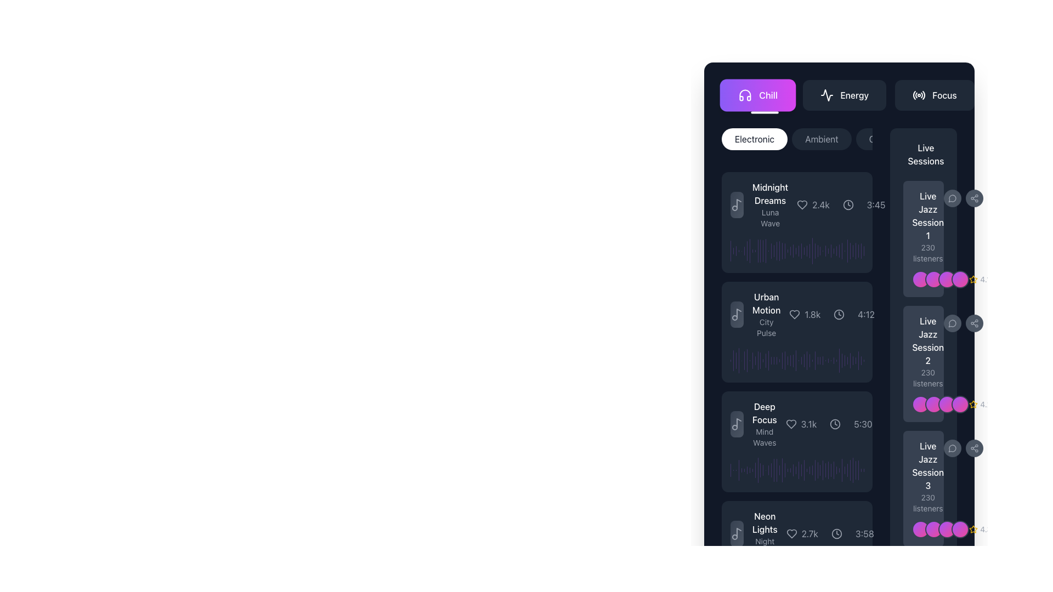  Describe the element at coordinates (940, 278) in the screenshot. I see `the decorative visuals or avatar indicators, which are four adjacent circular gradient icons transitioning from purple to pink, located below the 'Live Jazz Session 1' label and above the '230 listeners' text` at that location.